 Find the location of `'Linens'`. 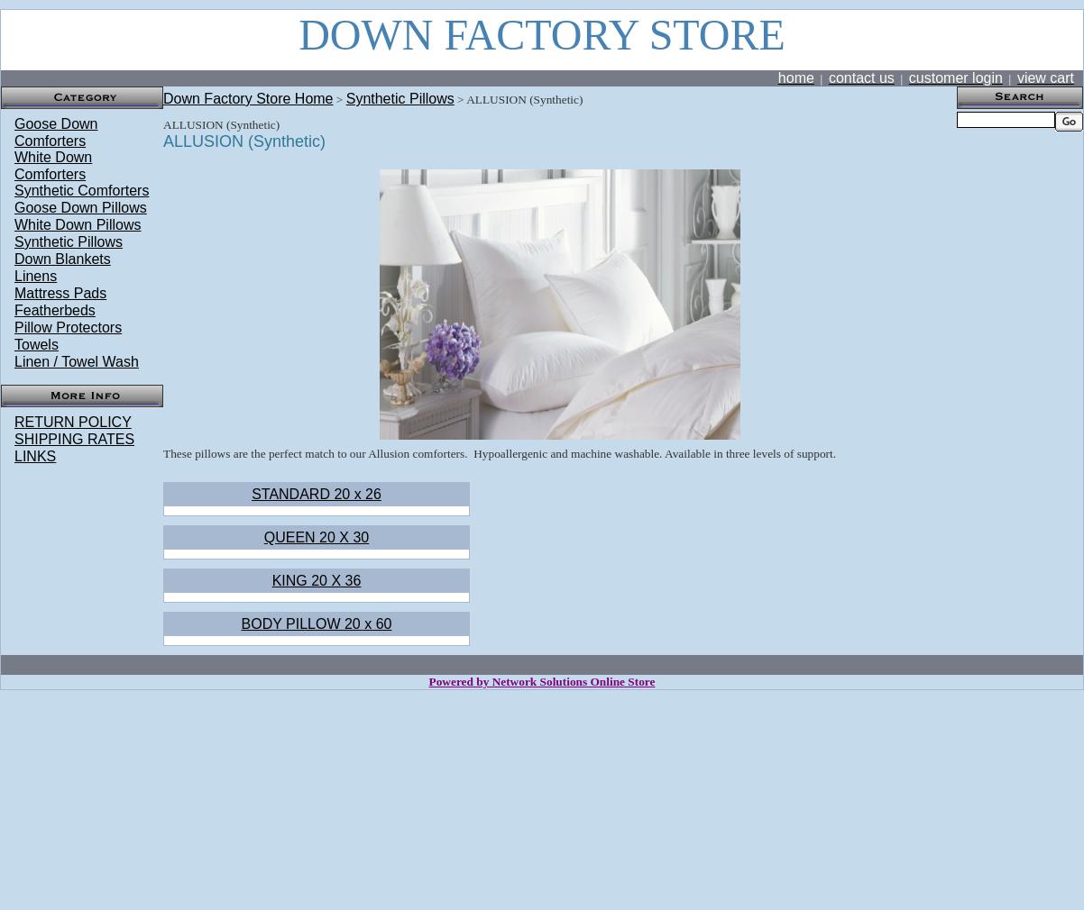

'Linens' is located at coordinates (35, 276).